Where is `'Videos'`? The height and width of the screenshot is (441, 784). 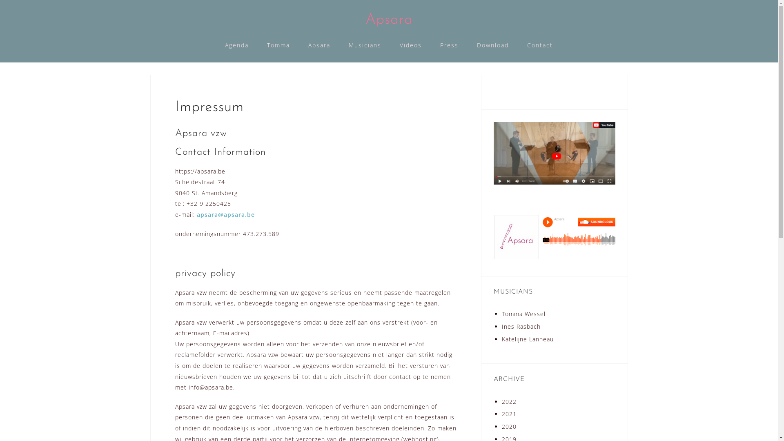 'Videos' is located at coordinates (411, 45).